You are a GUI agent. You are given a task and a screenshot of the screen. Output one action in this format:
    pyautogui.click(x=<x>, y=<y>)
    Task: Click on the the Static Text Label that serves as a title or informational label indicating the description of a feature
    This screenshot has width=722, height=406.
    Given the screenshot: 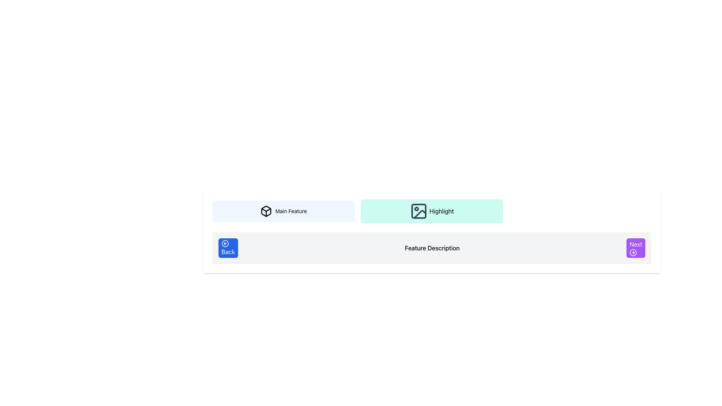 What is the action you would take?
    pyautogui.click(x=432, y=248)
    